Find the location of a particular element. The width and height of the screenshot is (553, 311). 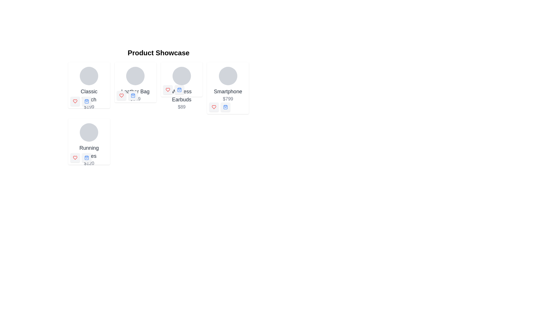

the circular visual placeholder for the product image display area located in the third product card from the left, which features a light gray color and smooth rounded outline is located at coordinates (181, 75).